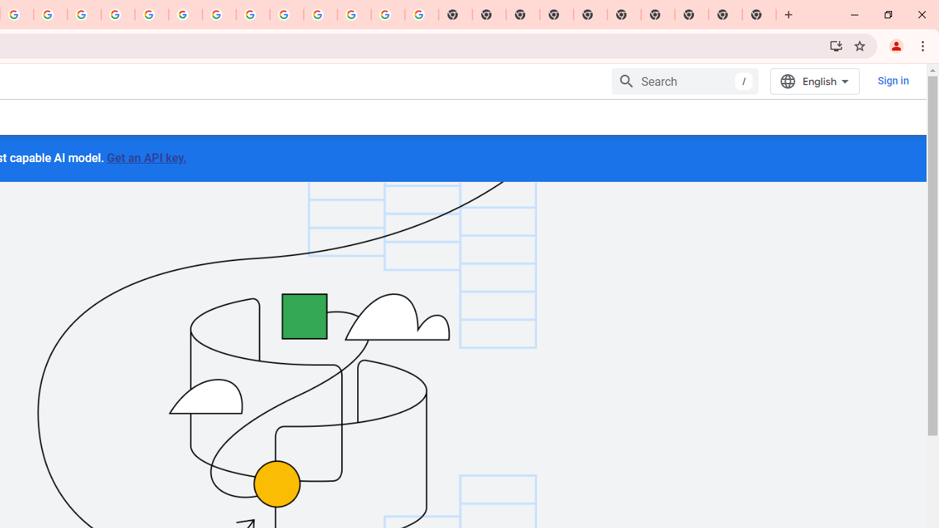 Image resolution: width=939 pixels, height=528 pixels. Describe the element at coordinates (146, 158) in the screenshot. I see `'Get an API key.'` at that location.